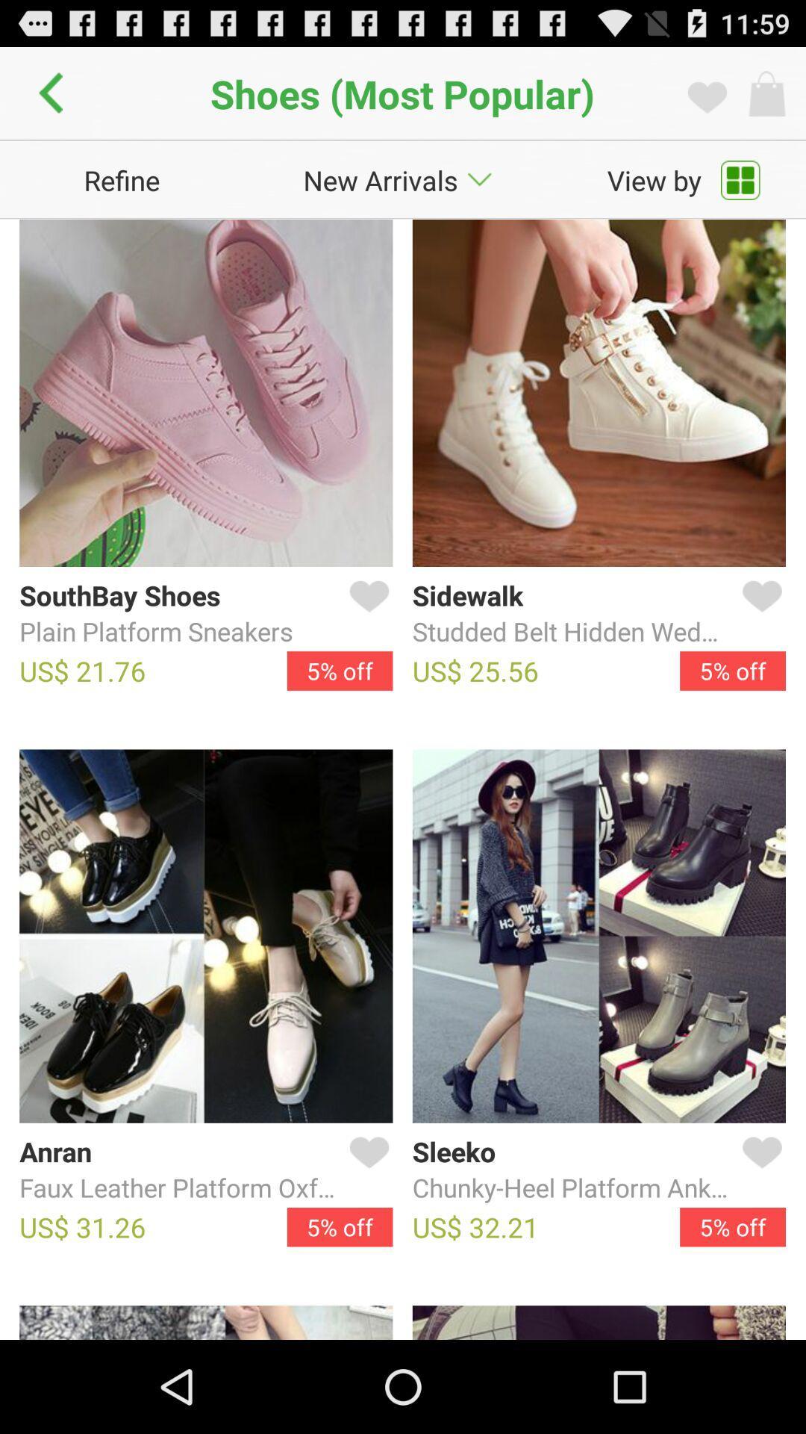 The height and width of the screenshot is (1434, 806). I want to click on to favorites, so click(759, 614).